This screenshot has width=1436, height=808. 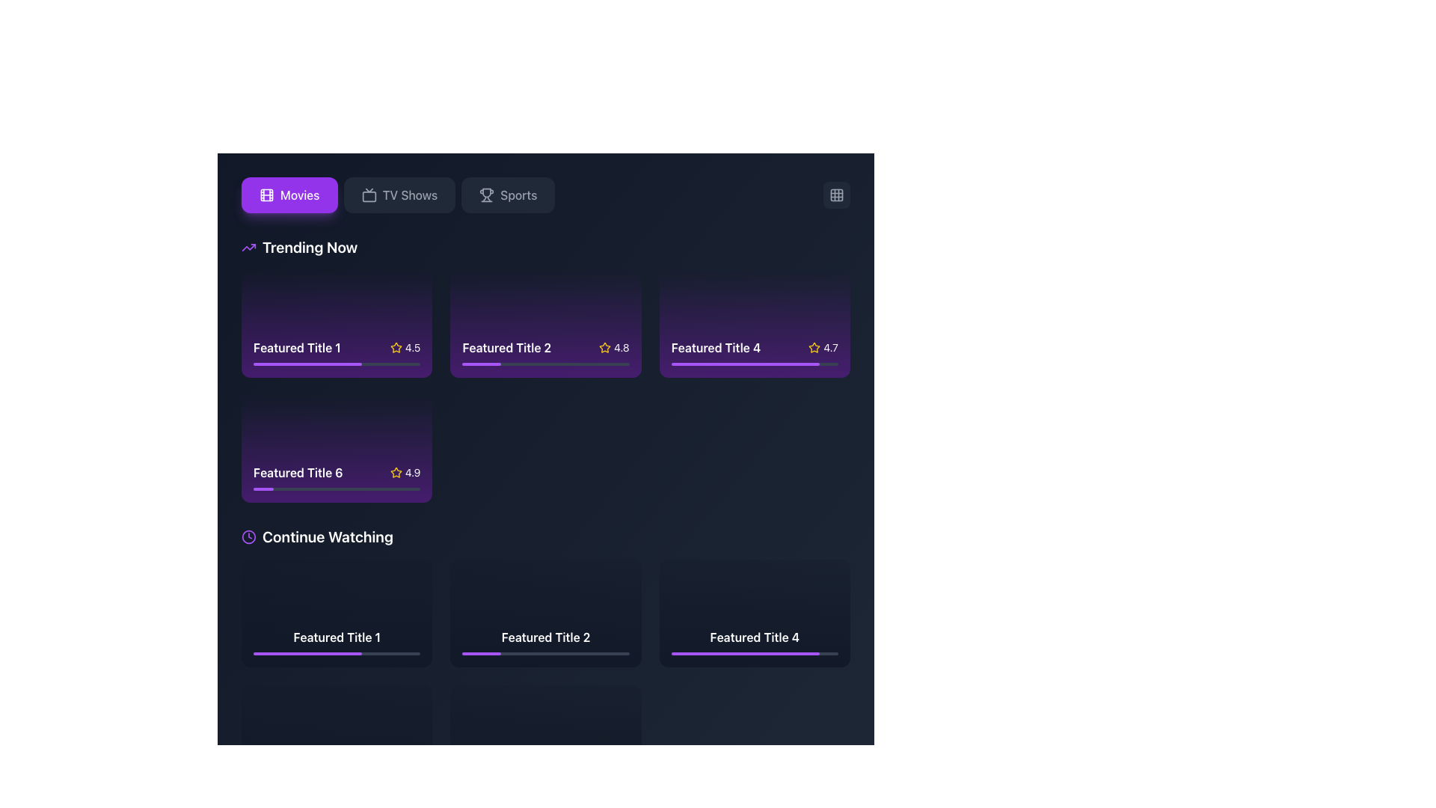 I want to click on the progress level of the Progress bar located in the content card for 'Featured Title 4' in the 'Trending Now' section, positioned in the top-right card of the first row, so click(x=755, y=364).